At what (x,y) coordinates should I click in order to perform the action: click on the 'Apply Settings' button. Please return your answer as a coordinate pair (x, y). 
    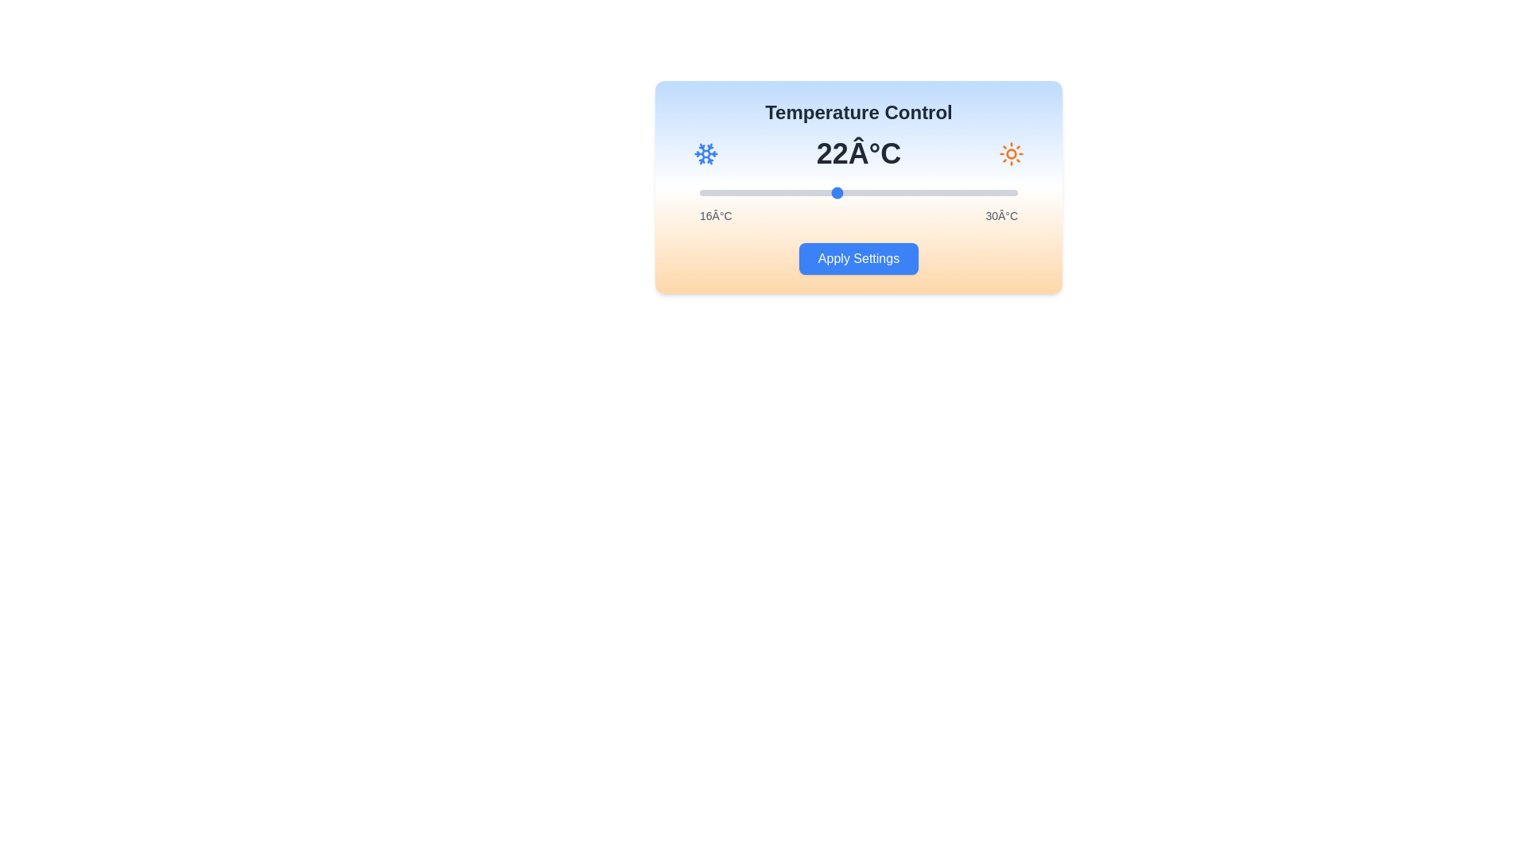
    Looking at the image, I should click on (858, 258).